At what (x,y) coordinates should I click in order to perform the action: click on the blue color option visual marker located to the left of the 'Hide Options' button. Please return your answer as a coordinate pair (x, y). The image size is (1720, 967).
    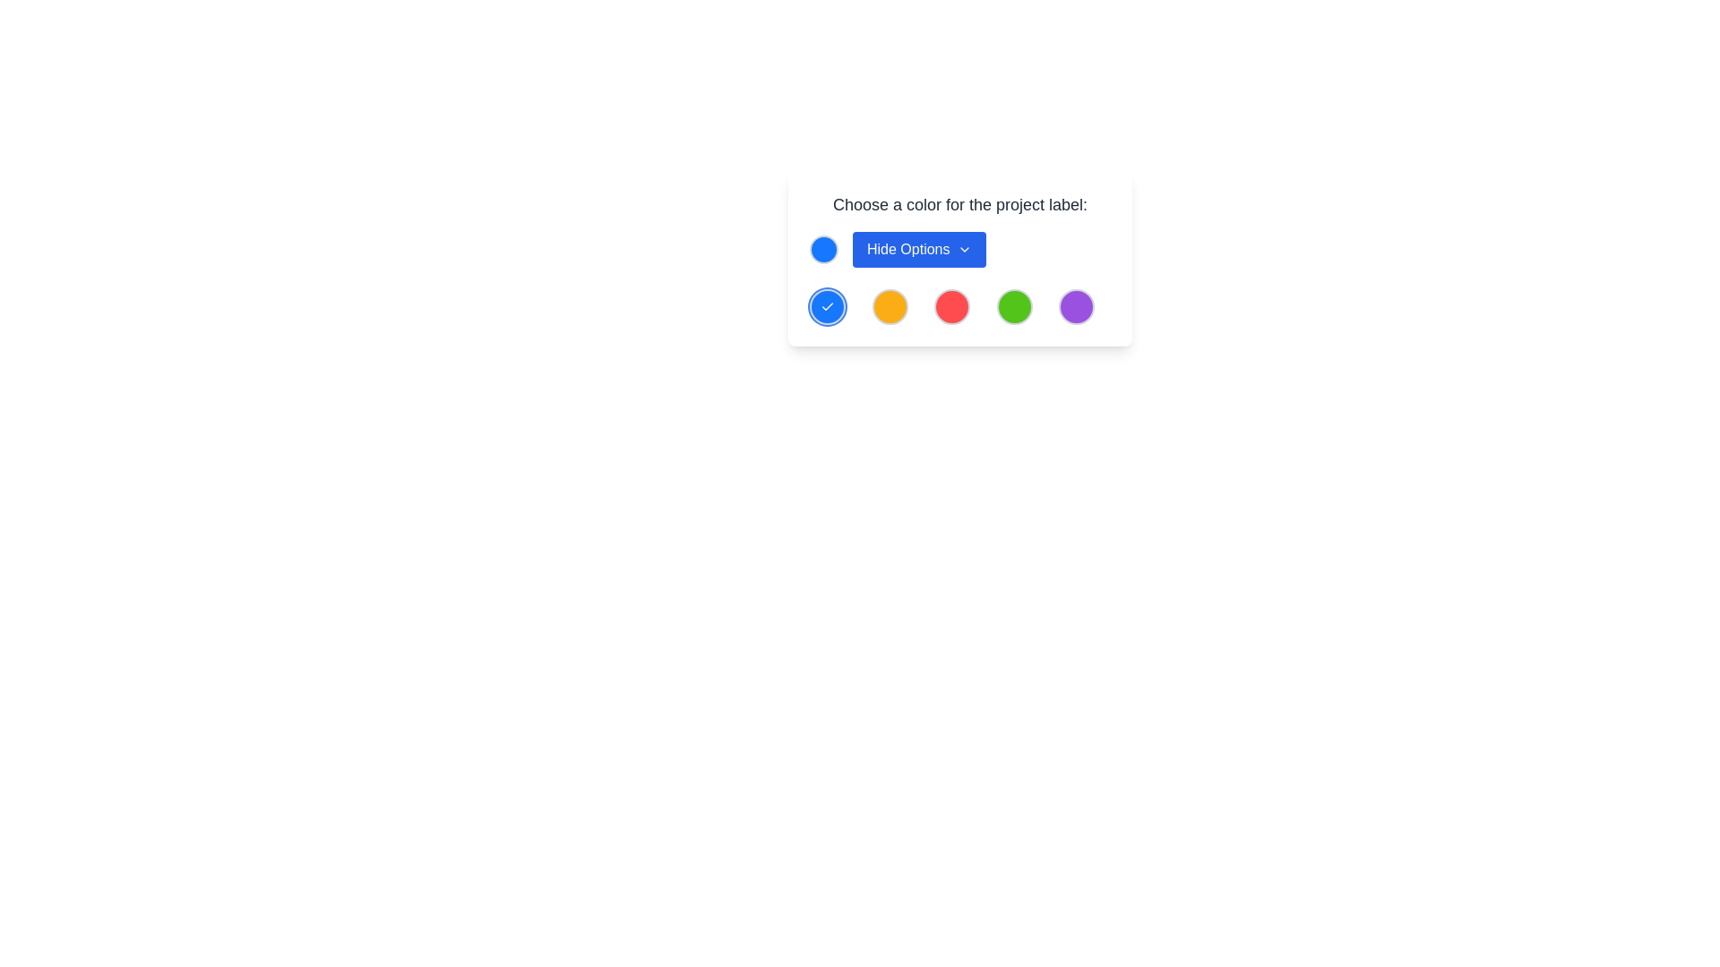
    Looking at the image, I should click on (823, 249).